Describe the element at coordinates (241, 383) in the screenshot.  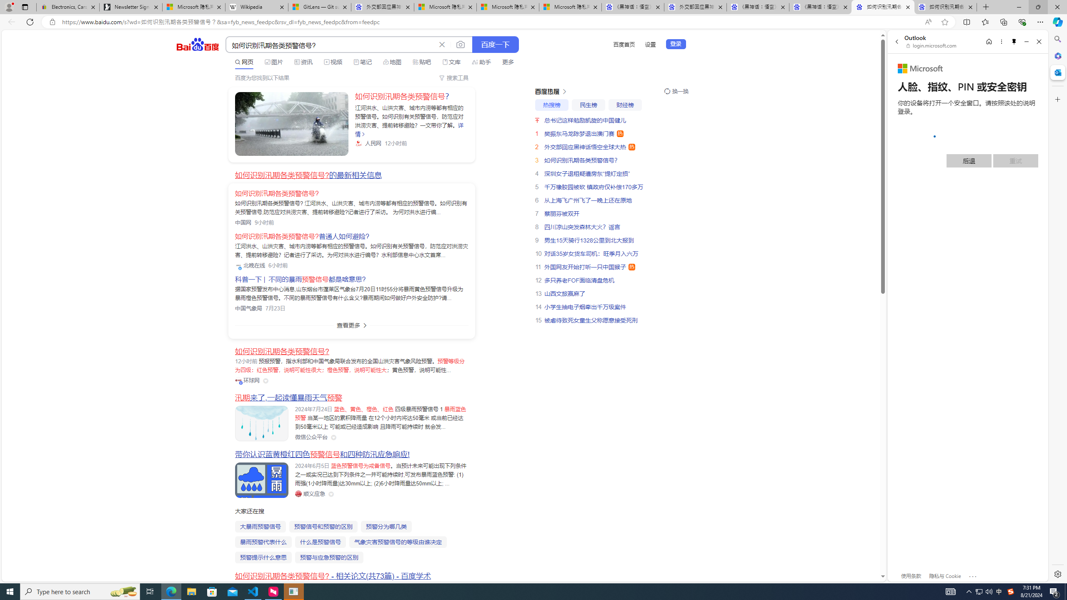
I see `'Class: vip-icon_kNmNt'` at that location.